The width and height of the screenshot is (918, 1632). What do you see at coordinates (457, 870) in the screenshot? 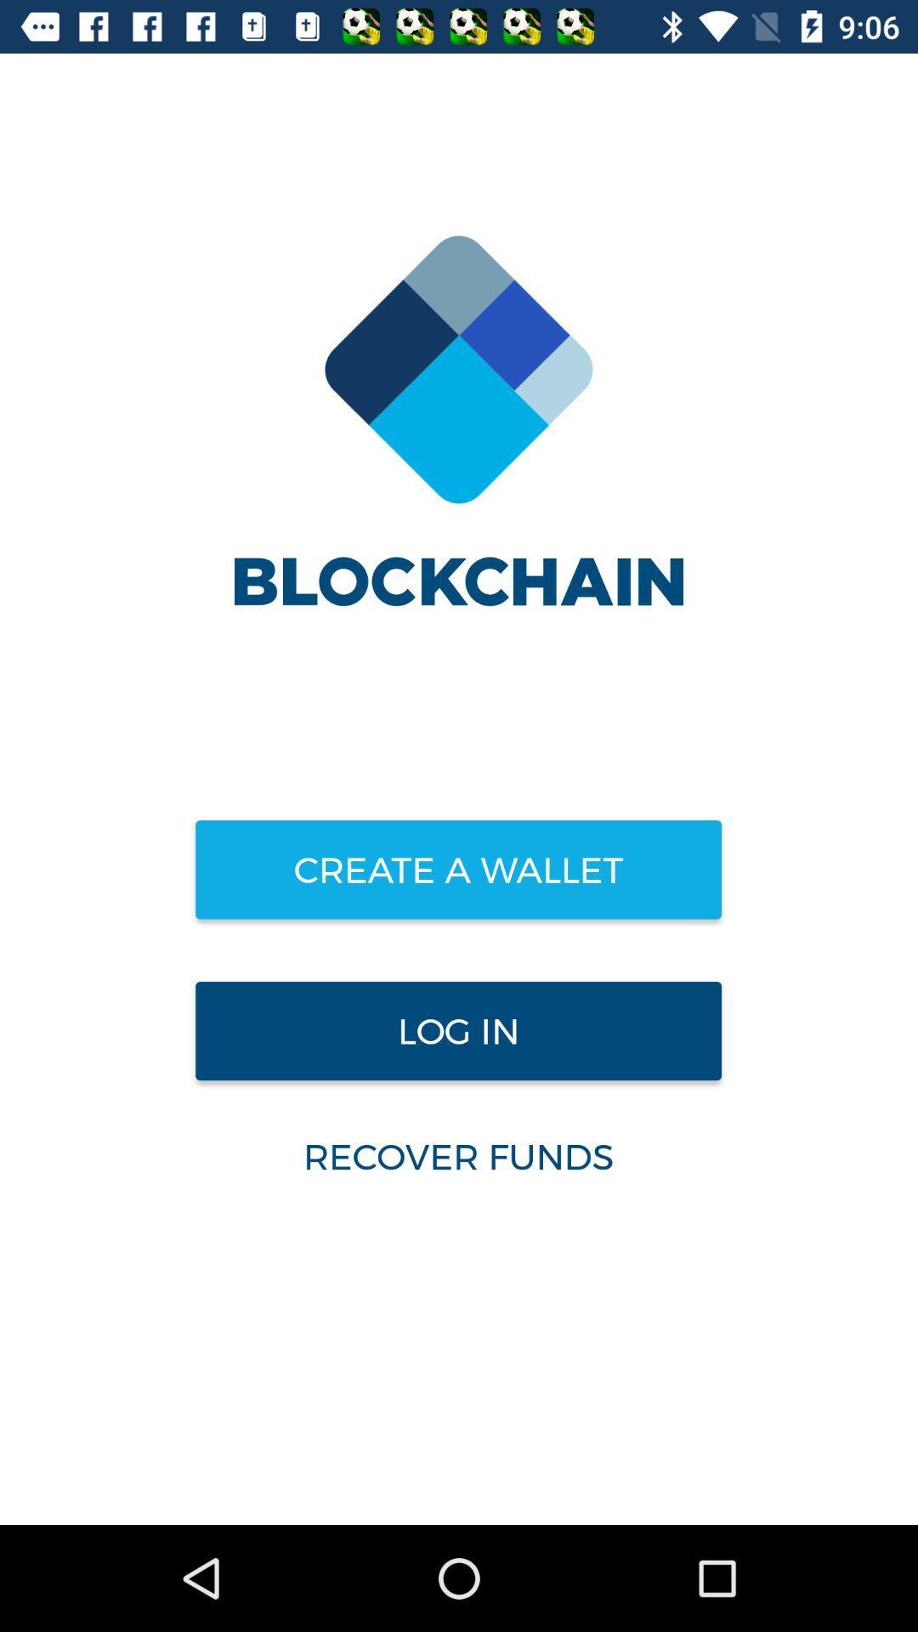
I see `item above the log in icon` at bounding box center [457, 870].